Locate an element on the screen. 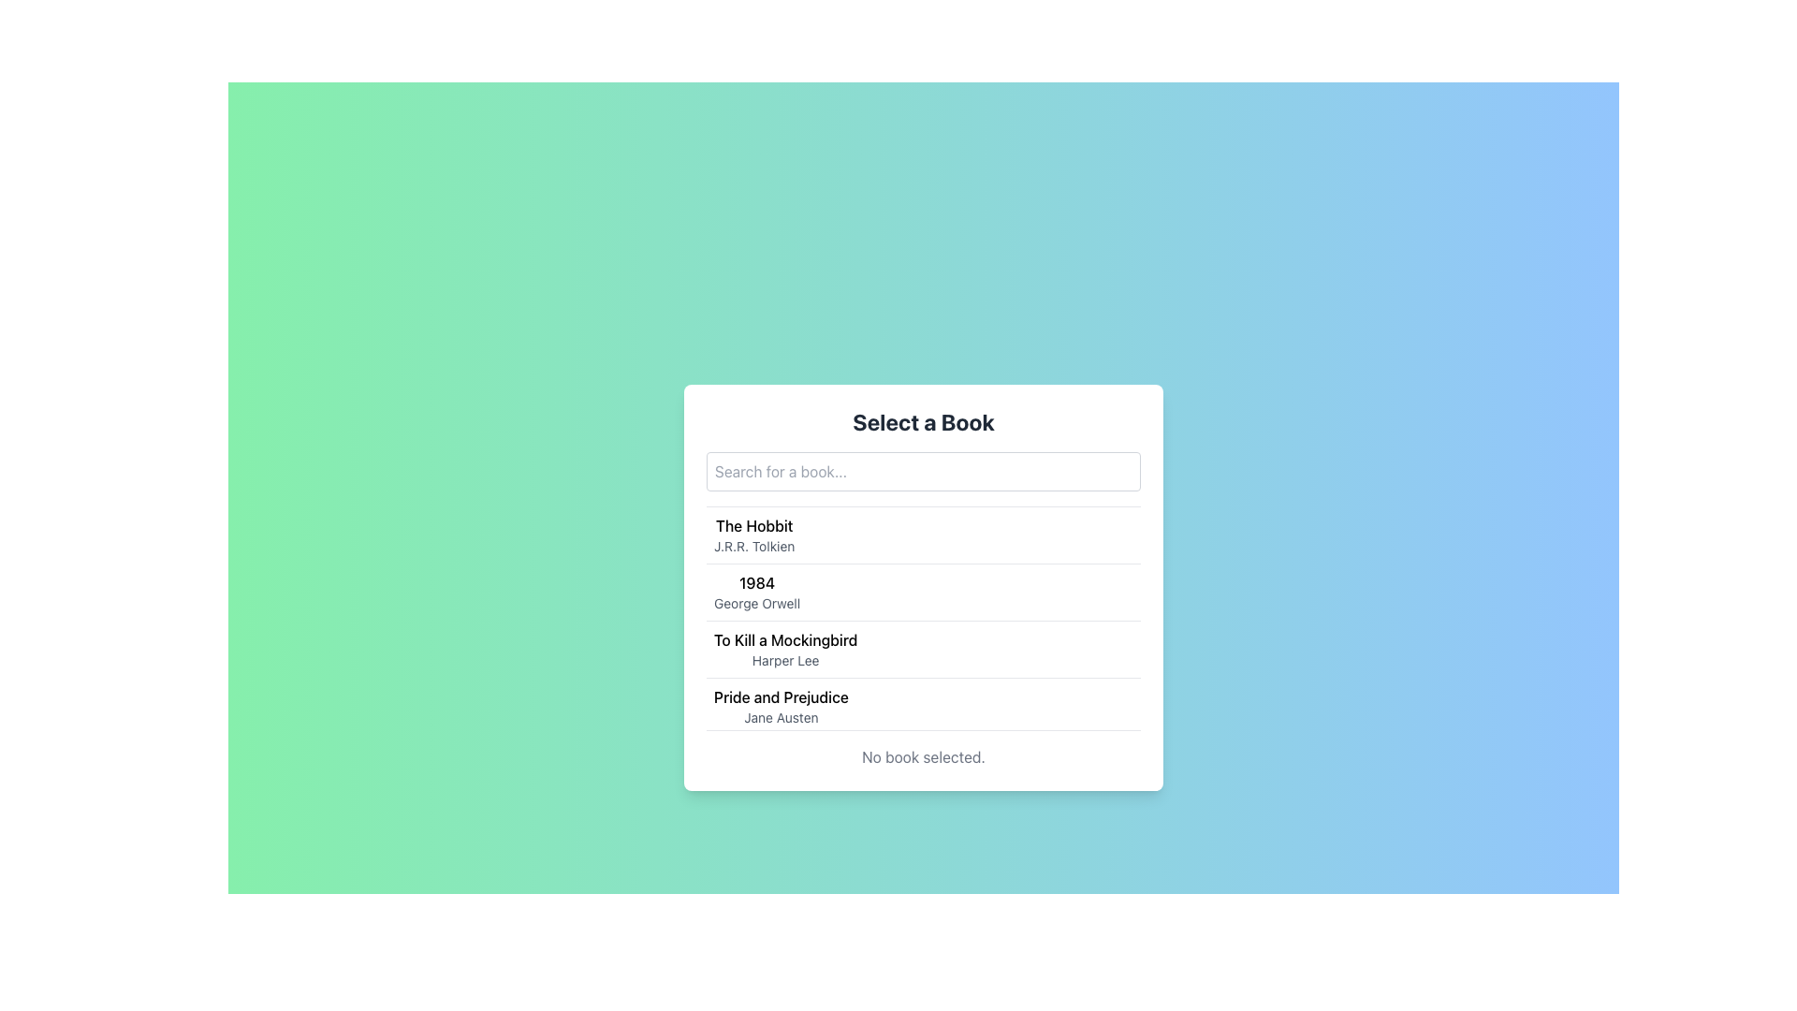 The width and height of the screenshot is (1797, 1011). the list item representing the book 'To Kill a Mockingbird' by Harper Lee is located at coordinates (924, 648).